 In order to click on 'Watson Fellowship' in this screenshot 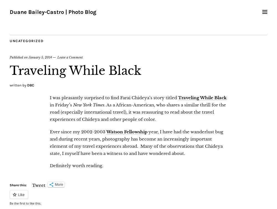, I will do `click(127, 131)`.